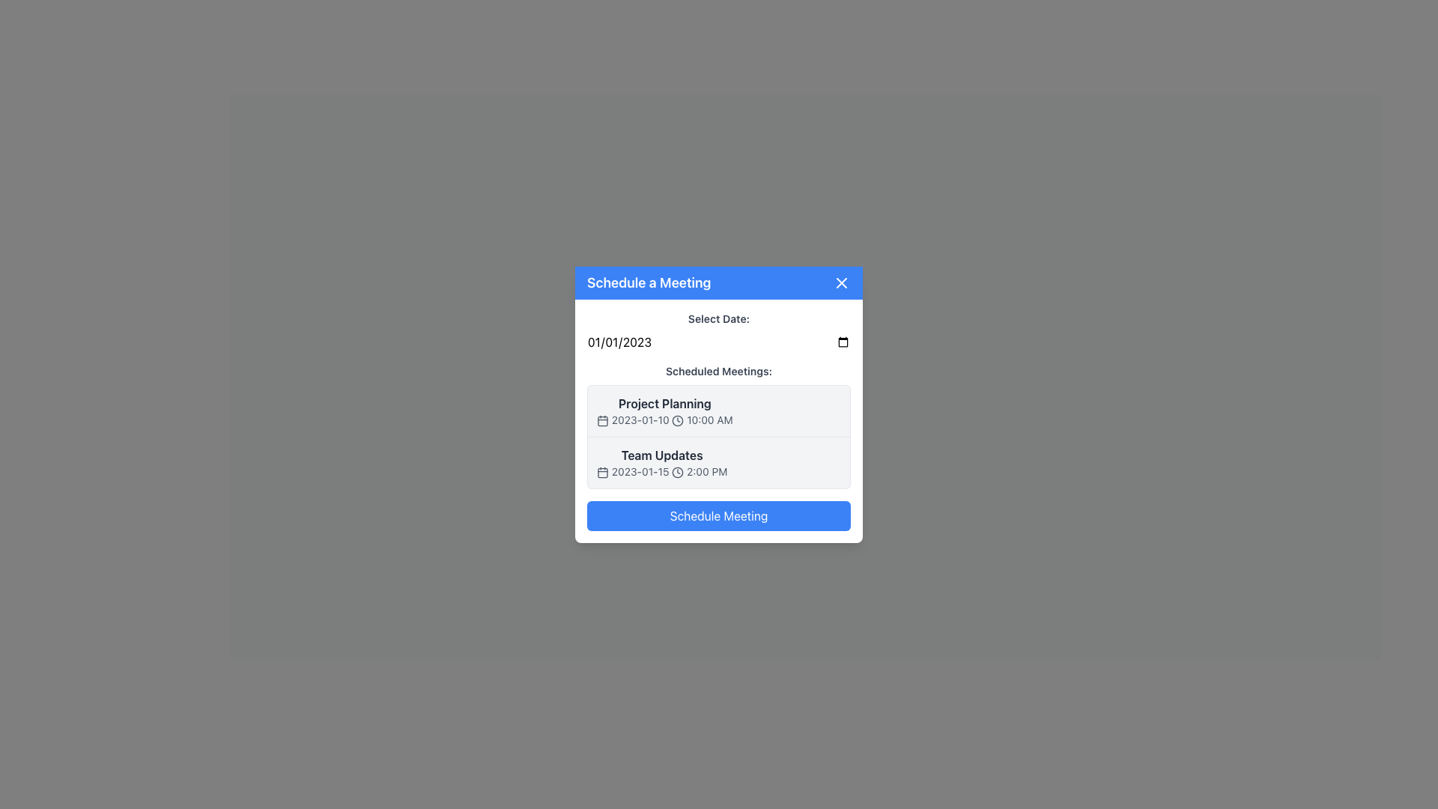 This screenshot has width=1438, height=809. Describe the element at coordinates (664, 410) in the screenshot. I see `the first entry in the 'Scheduled Meetings' section that displays the meeting details including 'Project Planning' within the modal dialog titled 'Schedule a Meeting'` at that location.